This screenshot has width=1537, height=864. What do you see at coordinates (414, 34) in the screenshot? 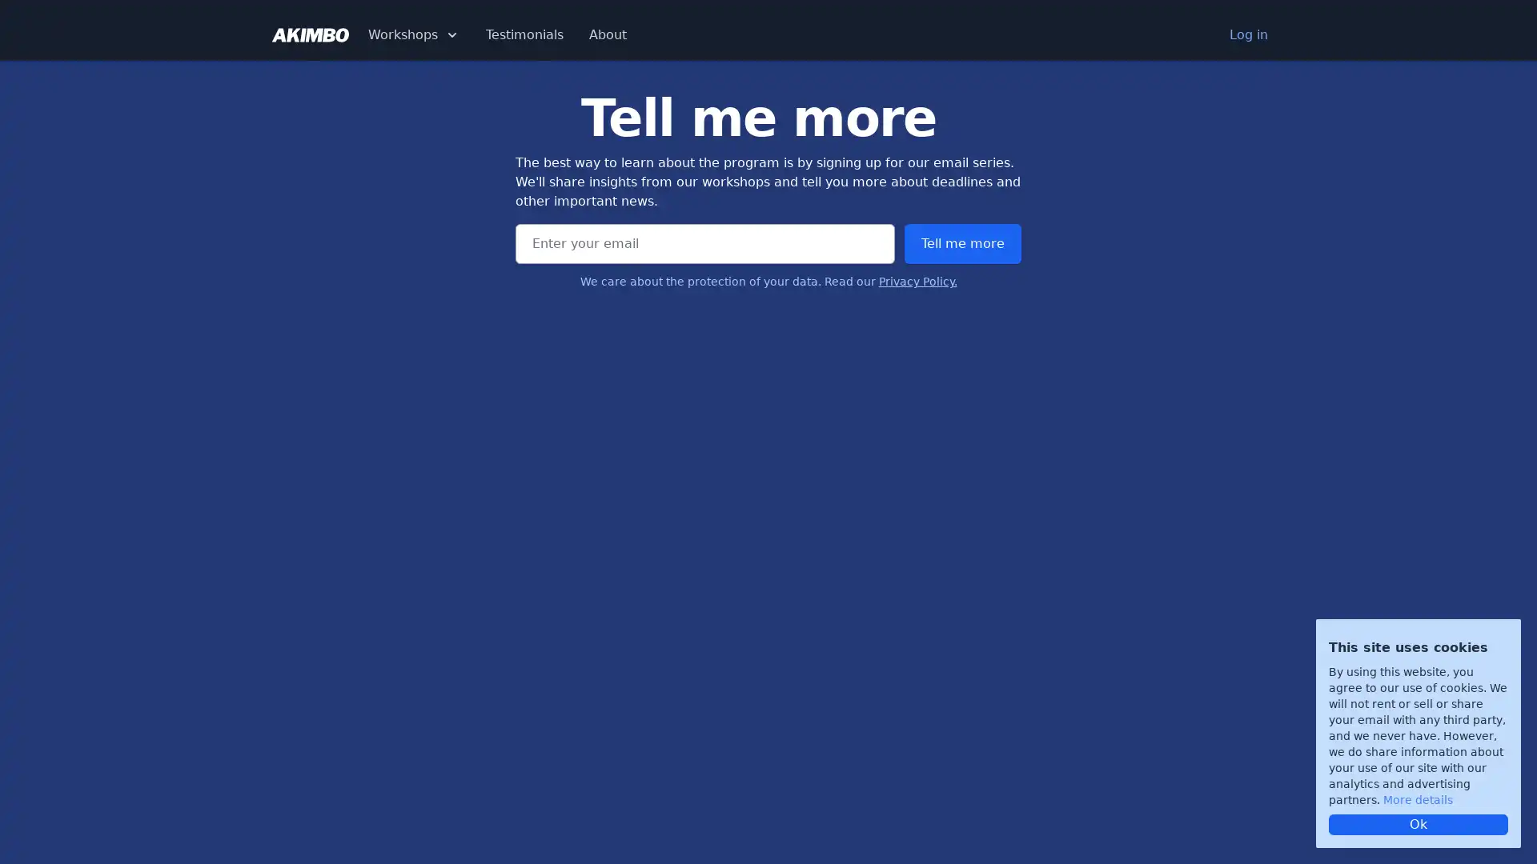
I see `Workshops Dropdown` at bounding box center [414, 34].